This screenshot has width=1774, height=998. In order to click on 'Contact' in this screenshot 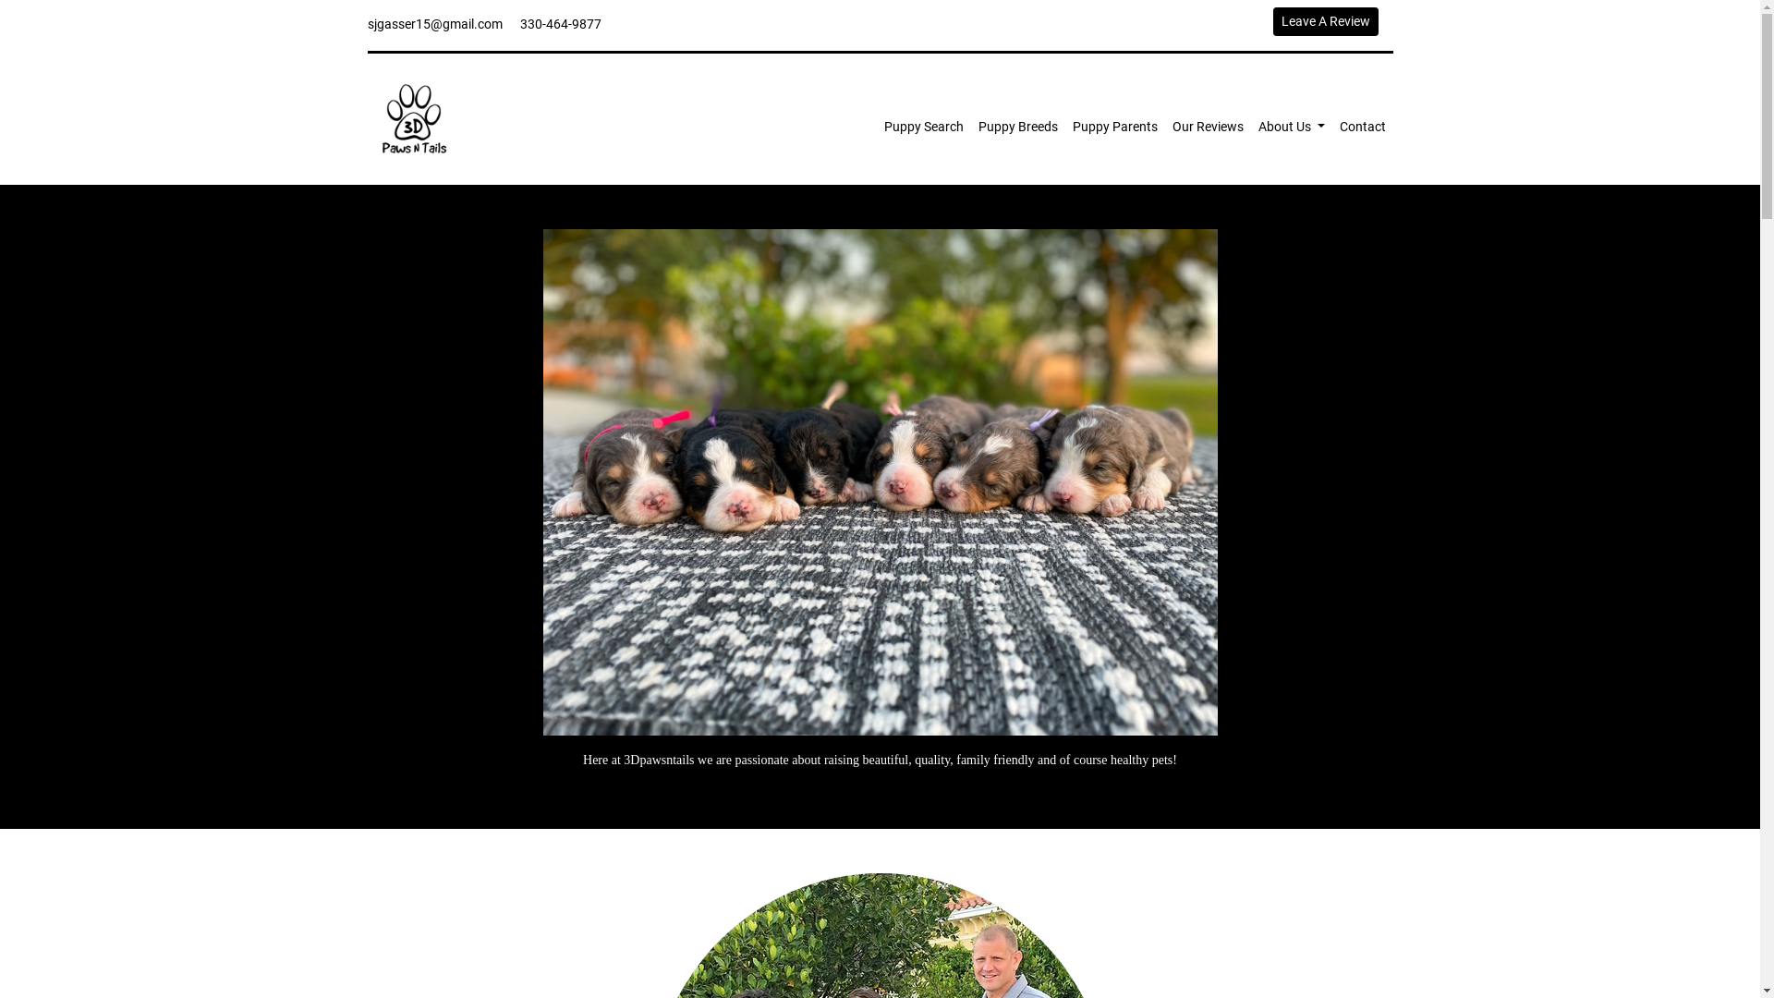, I will do `click(1331, 125)`.